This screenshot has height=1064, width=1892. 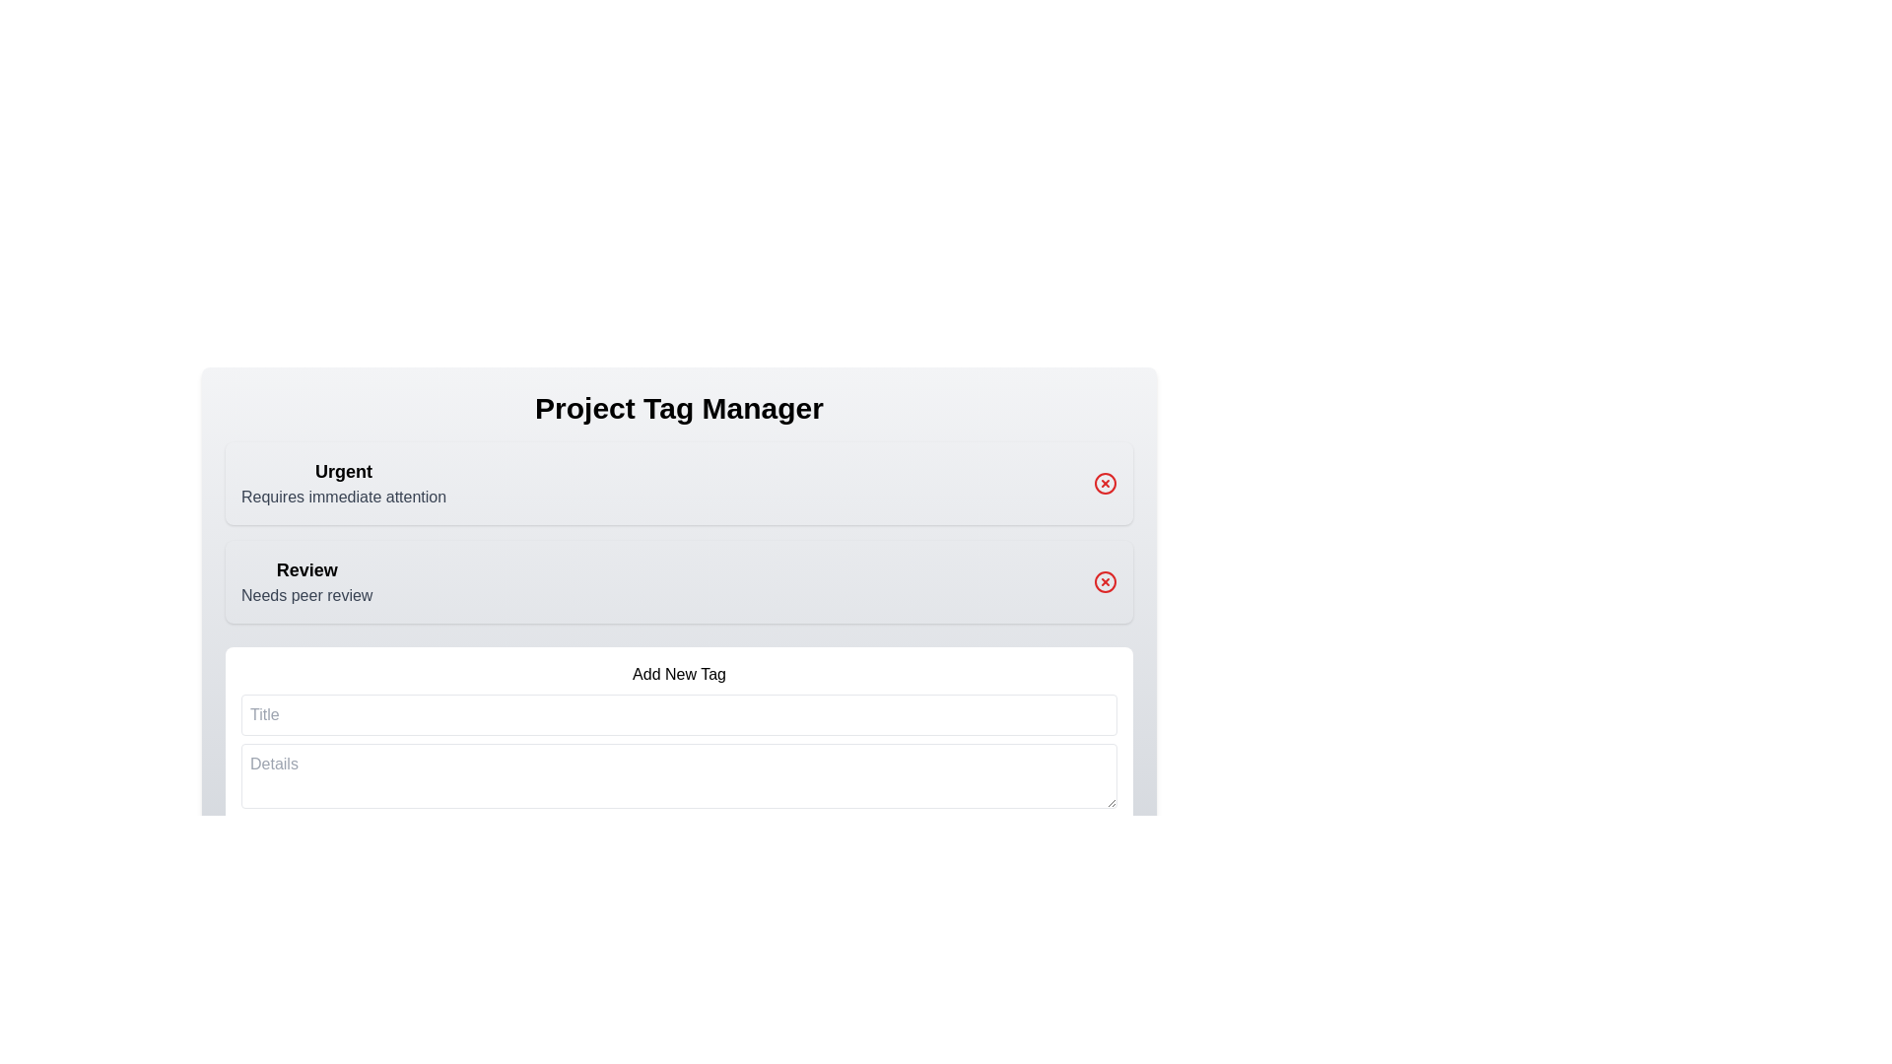 What do you see at coordinates (344, 471) in the screenshot?
I see `the high-priority text label in the Project Tag Manager section, which indicates urgent categories and is located above the smaller text 'Requires immediate attention'` at bounding box center [344, 471].